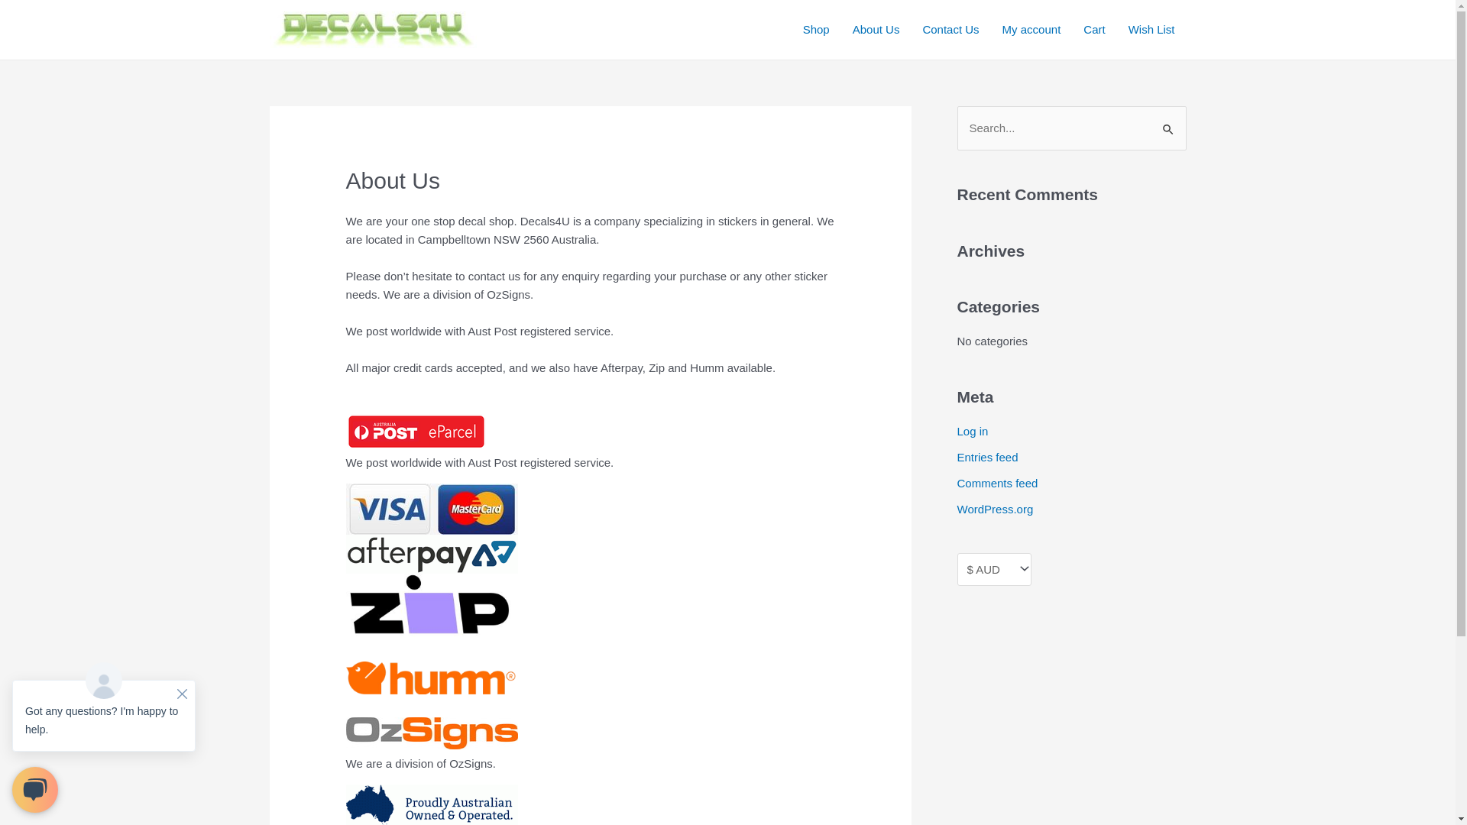  I want to click on 'About Us', so click(876, 29).